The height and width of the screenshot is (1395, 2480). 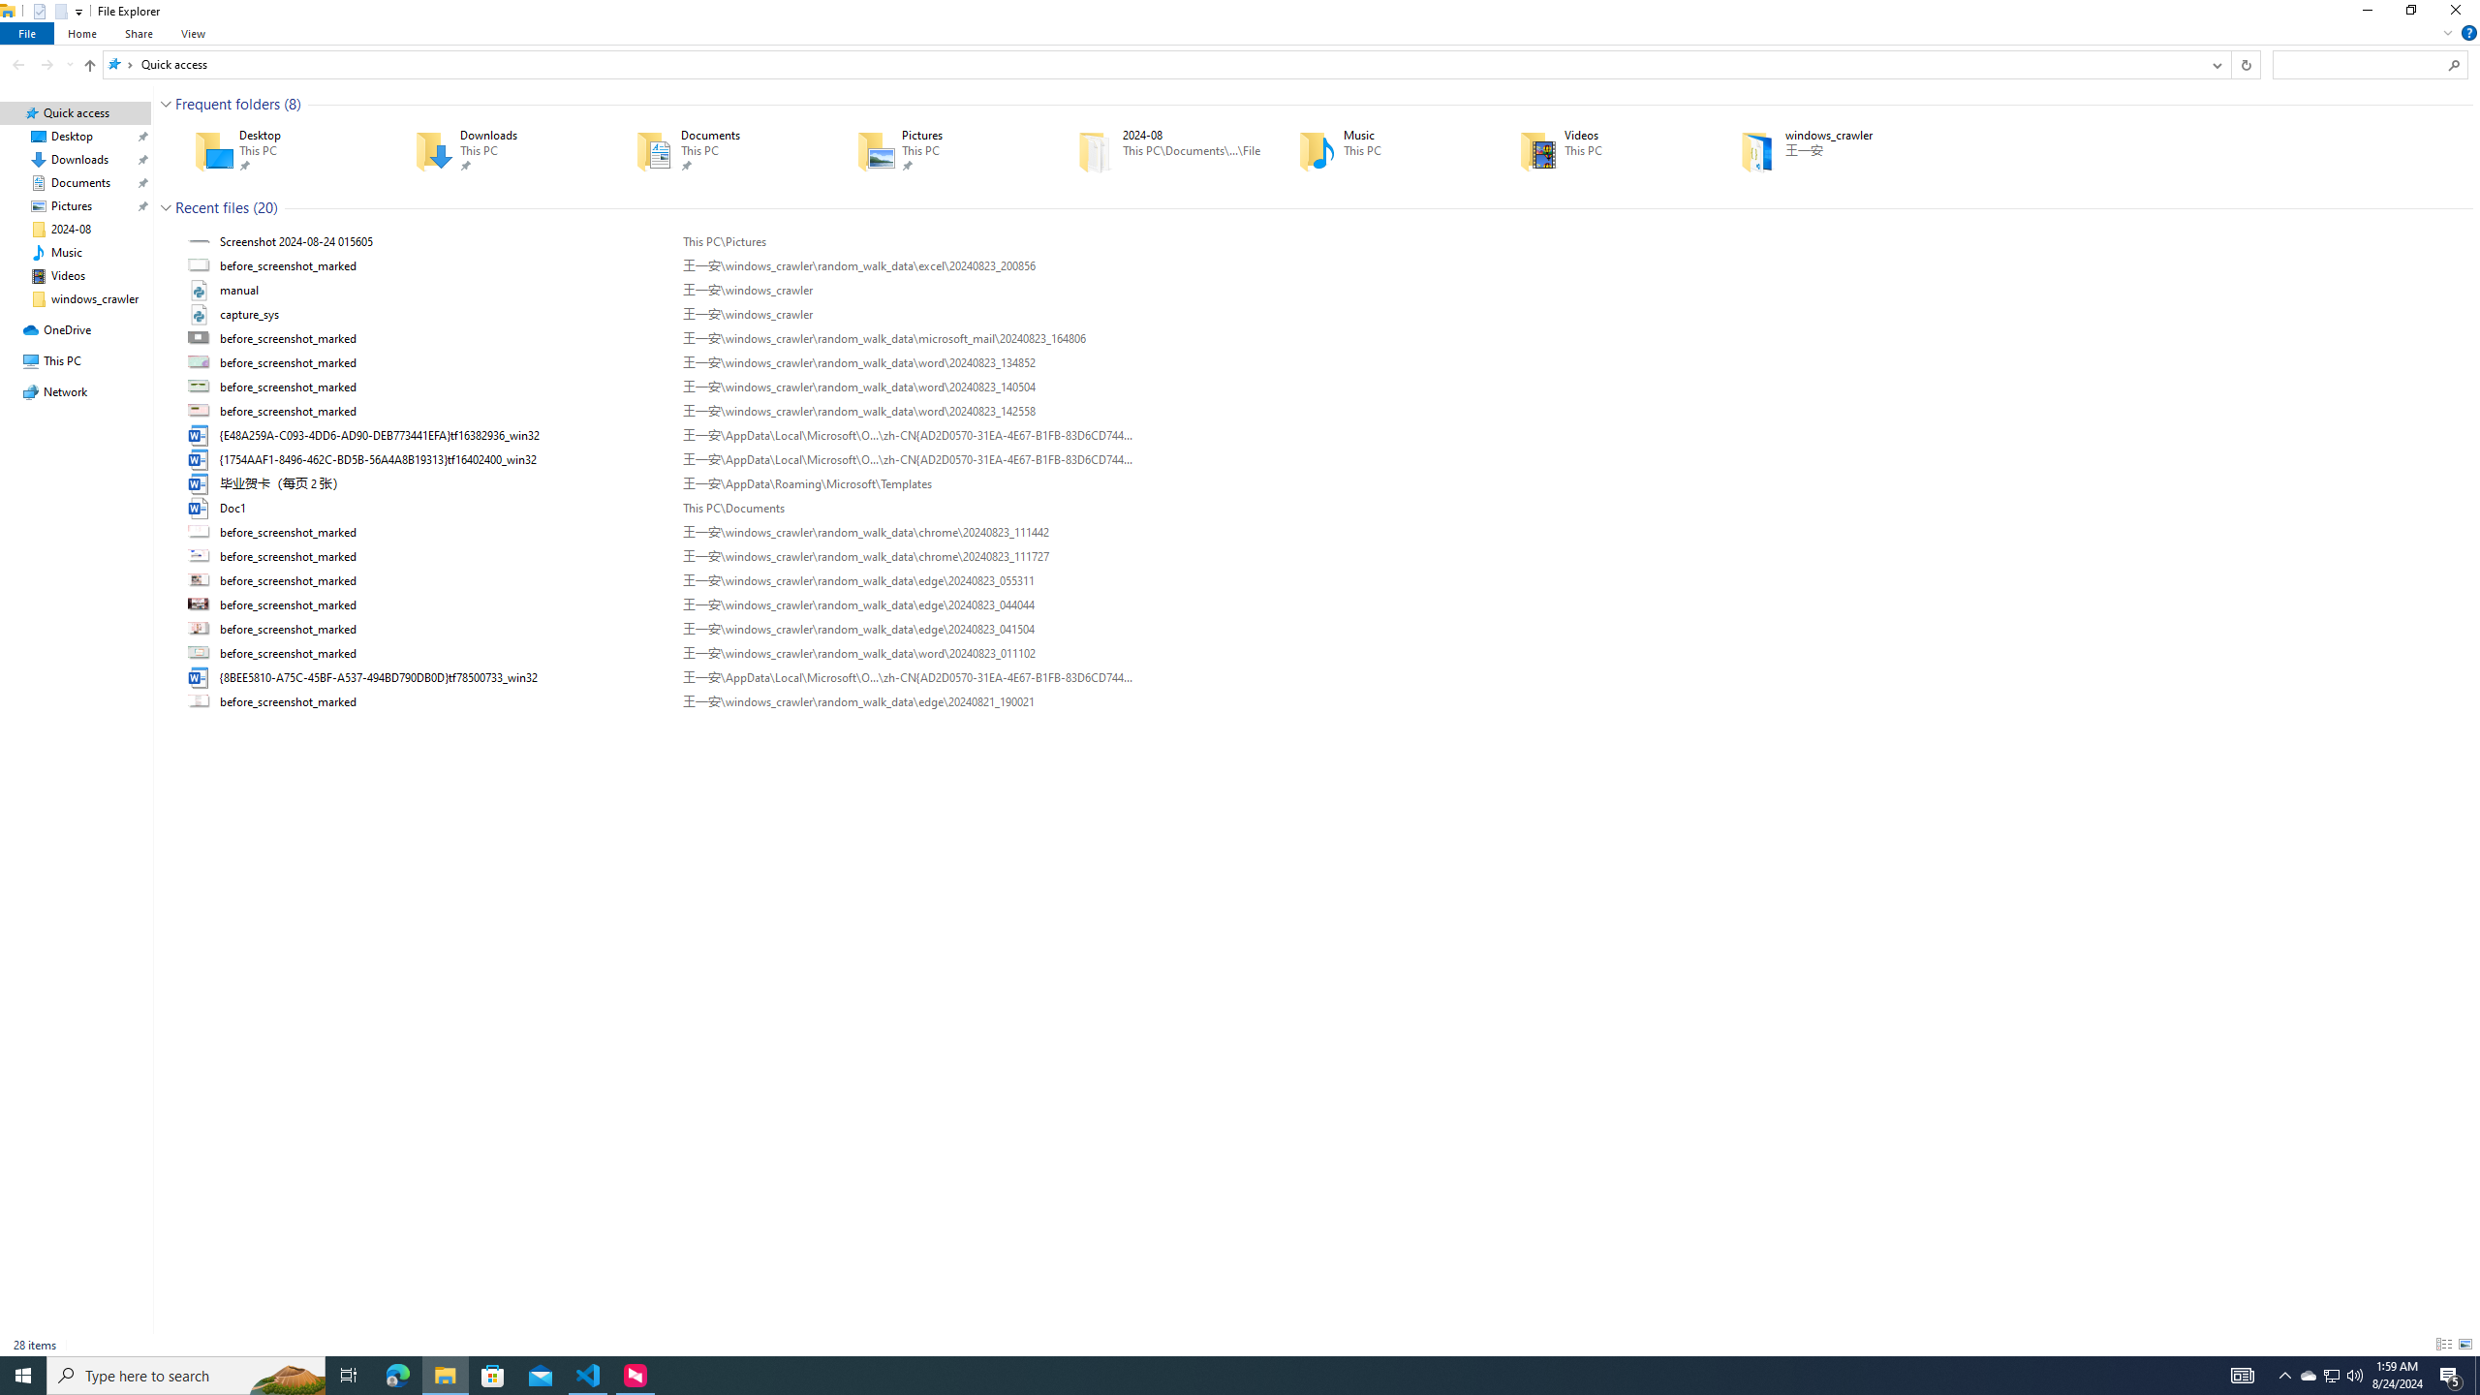 What do you see at coordinates (90, 66) in the screenshot?
I see `'Up to "Desktop" (Alt + Up Arrow)'` at bounding box center [90, 66].